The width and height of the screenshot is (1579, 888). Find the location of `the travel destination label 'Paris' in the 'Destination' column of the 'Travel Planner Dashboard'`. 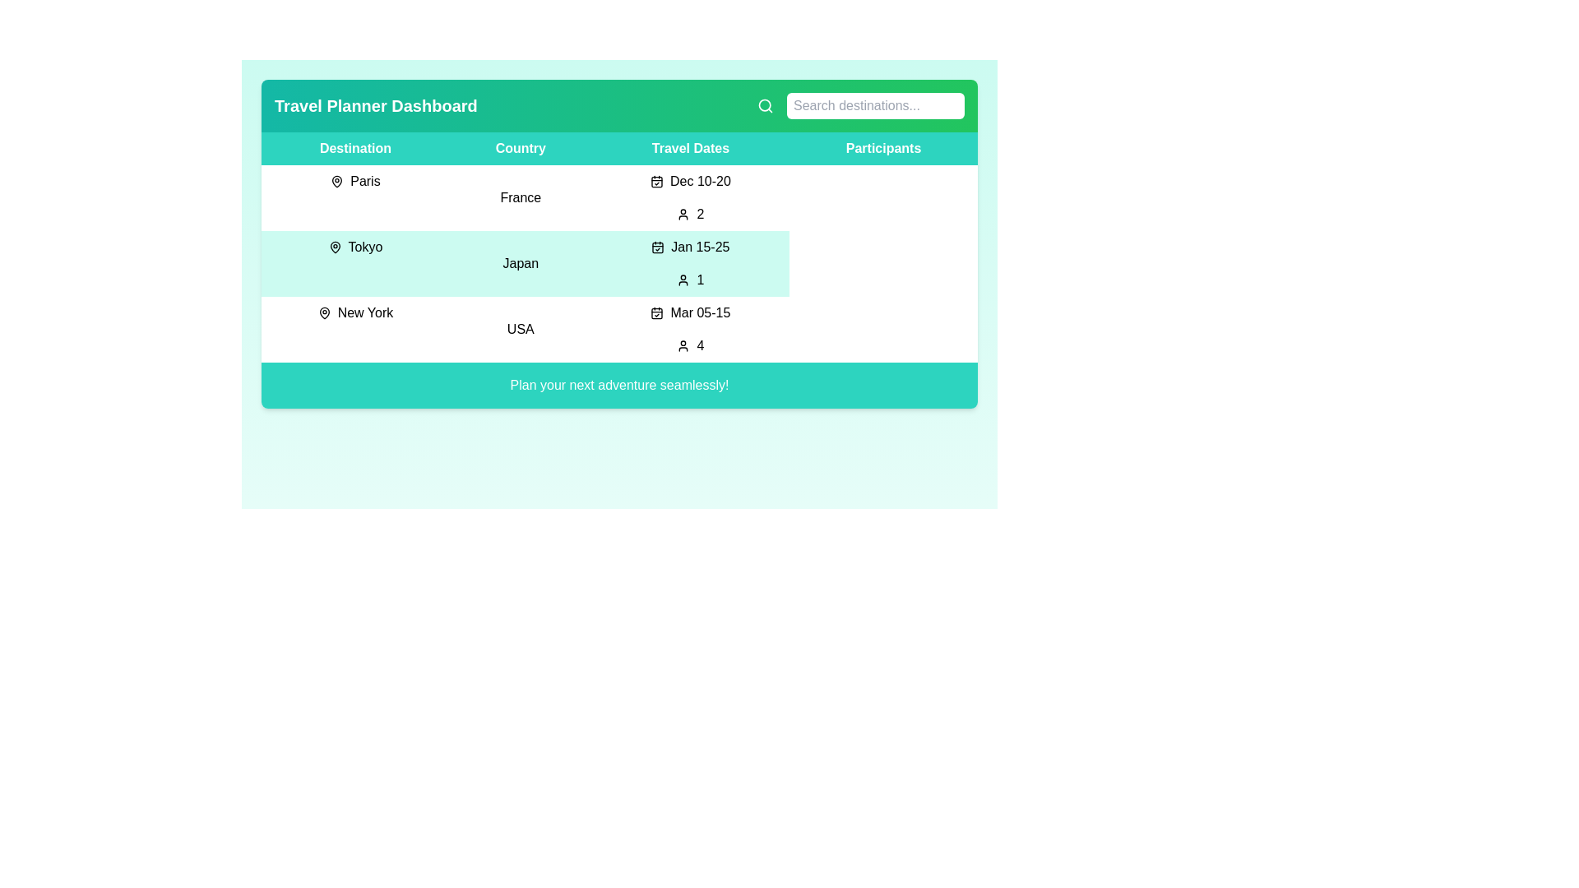

the travel destination label 'Paris' in the 'Destination' column of the 'Travel Planner Dashboard' is located at coordinates (354, 181).